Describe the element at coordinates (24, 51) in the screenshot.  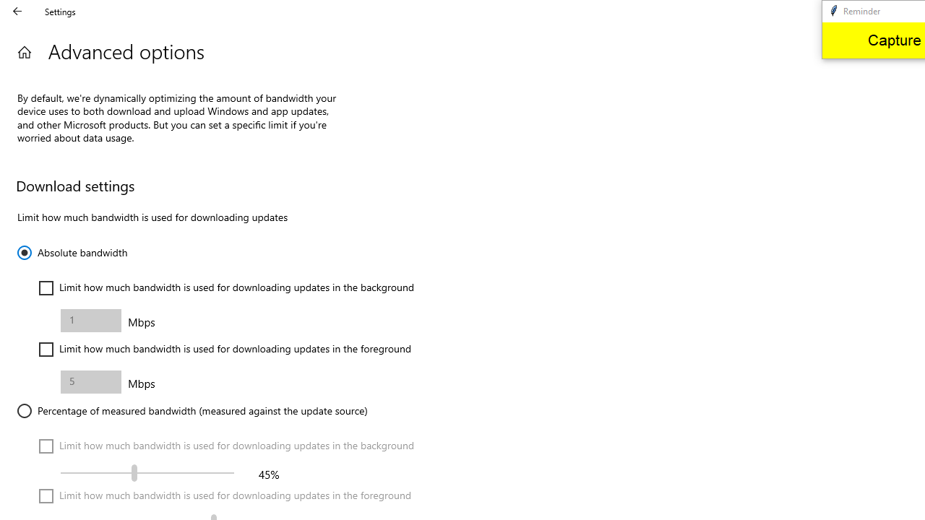
I see `'Home'` at that location.